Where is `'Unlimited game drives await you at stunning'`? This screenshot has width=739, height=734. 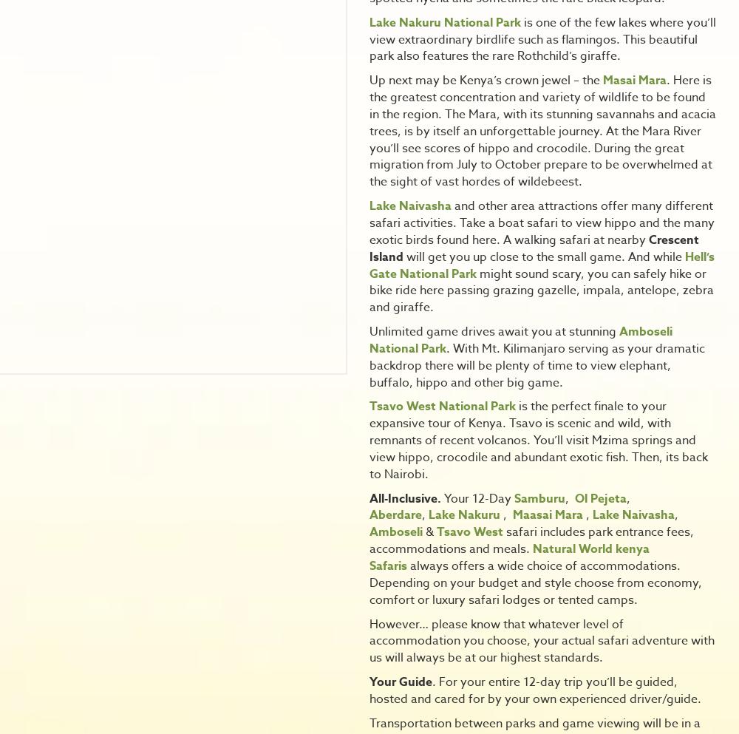
'Unlimited game drives await you at stunning' is located at coordinates (369, 332).